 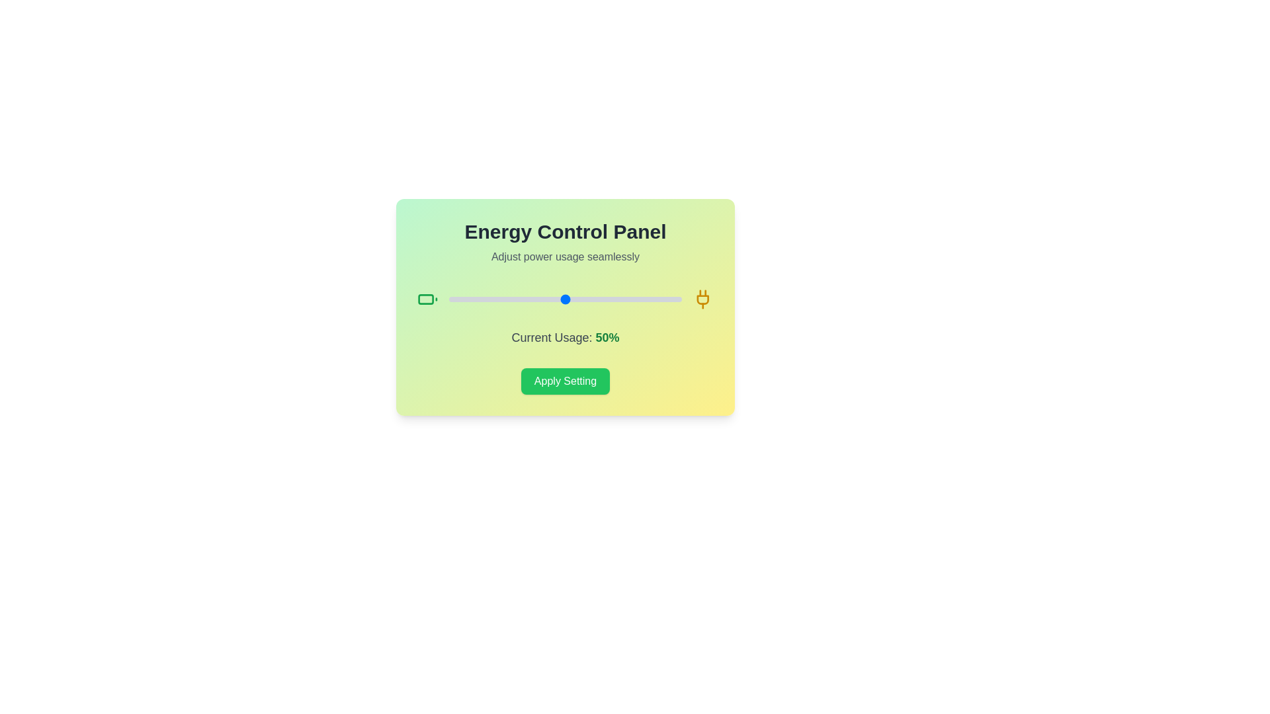 I want to click on the slider, so click(x=623, y=299).